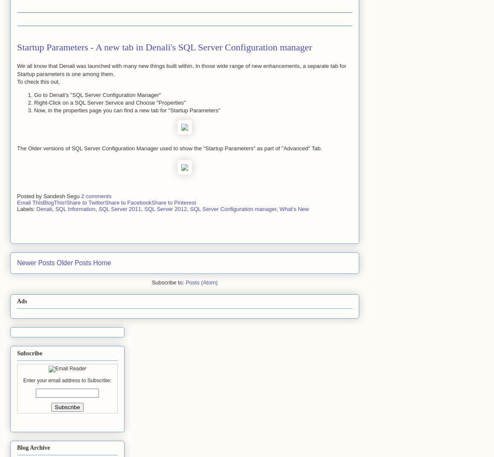  What do you see at coordinates (127, 110) in the screenshot?
I see `'Now, in the properties page you can find a new tab for "Startup Parameters"'` at bounding box center [127, 110].